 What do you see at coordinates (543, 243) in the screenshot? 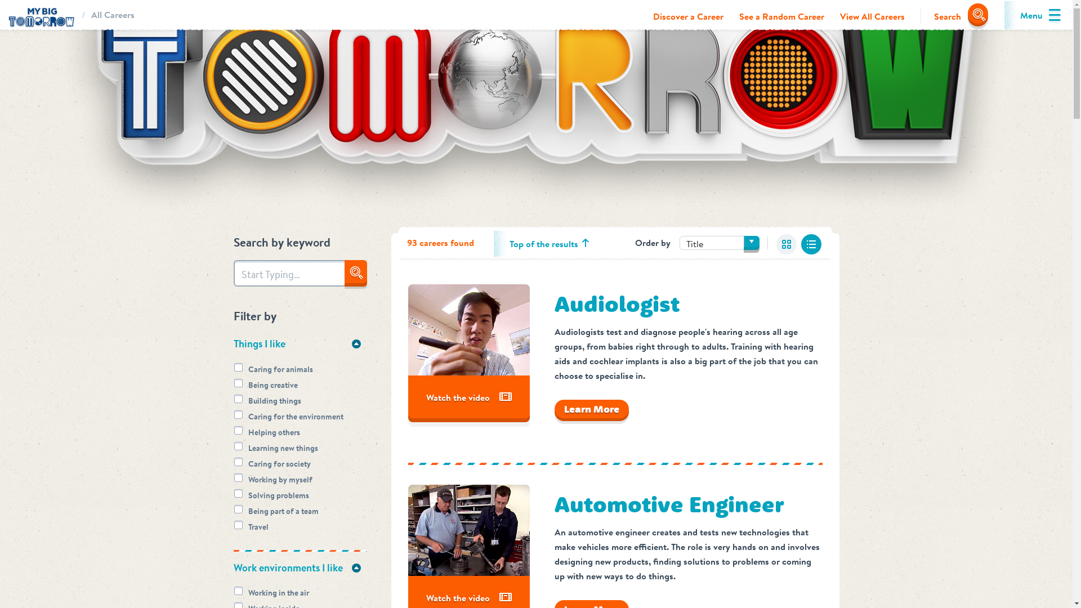
I see `'Top of the results'` at bounding box center [543, 243].